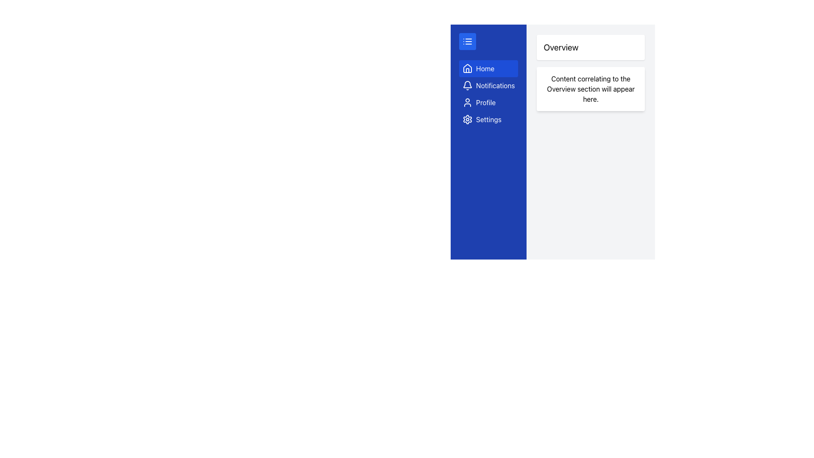 This screenshot has height=458, width=814. Describe the element at coordinates (485, 68) in the screenshot. I see `text label 'Home' located in the first navigational menu item of the vertical sidebar on the left side of the interface, which is displayed in white on a blue background` at that location.